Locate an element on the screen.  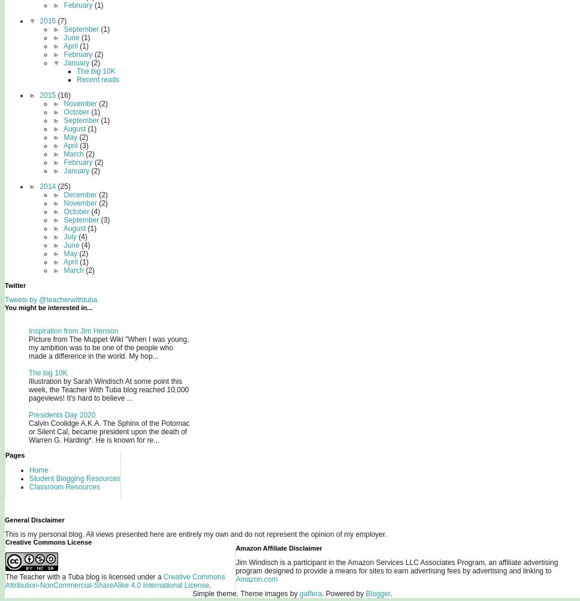
'(7)' is located at coordinates (62, 20).